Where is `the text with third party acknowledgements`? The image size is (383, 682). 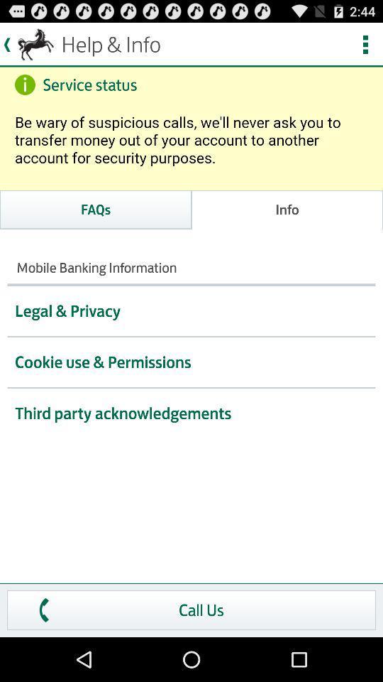
the text with third party acknowledgements is located at coordinates (191, 413).